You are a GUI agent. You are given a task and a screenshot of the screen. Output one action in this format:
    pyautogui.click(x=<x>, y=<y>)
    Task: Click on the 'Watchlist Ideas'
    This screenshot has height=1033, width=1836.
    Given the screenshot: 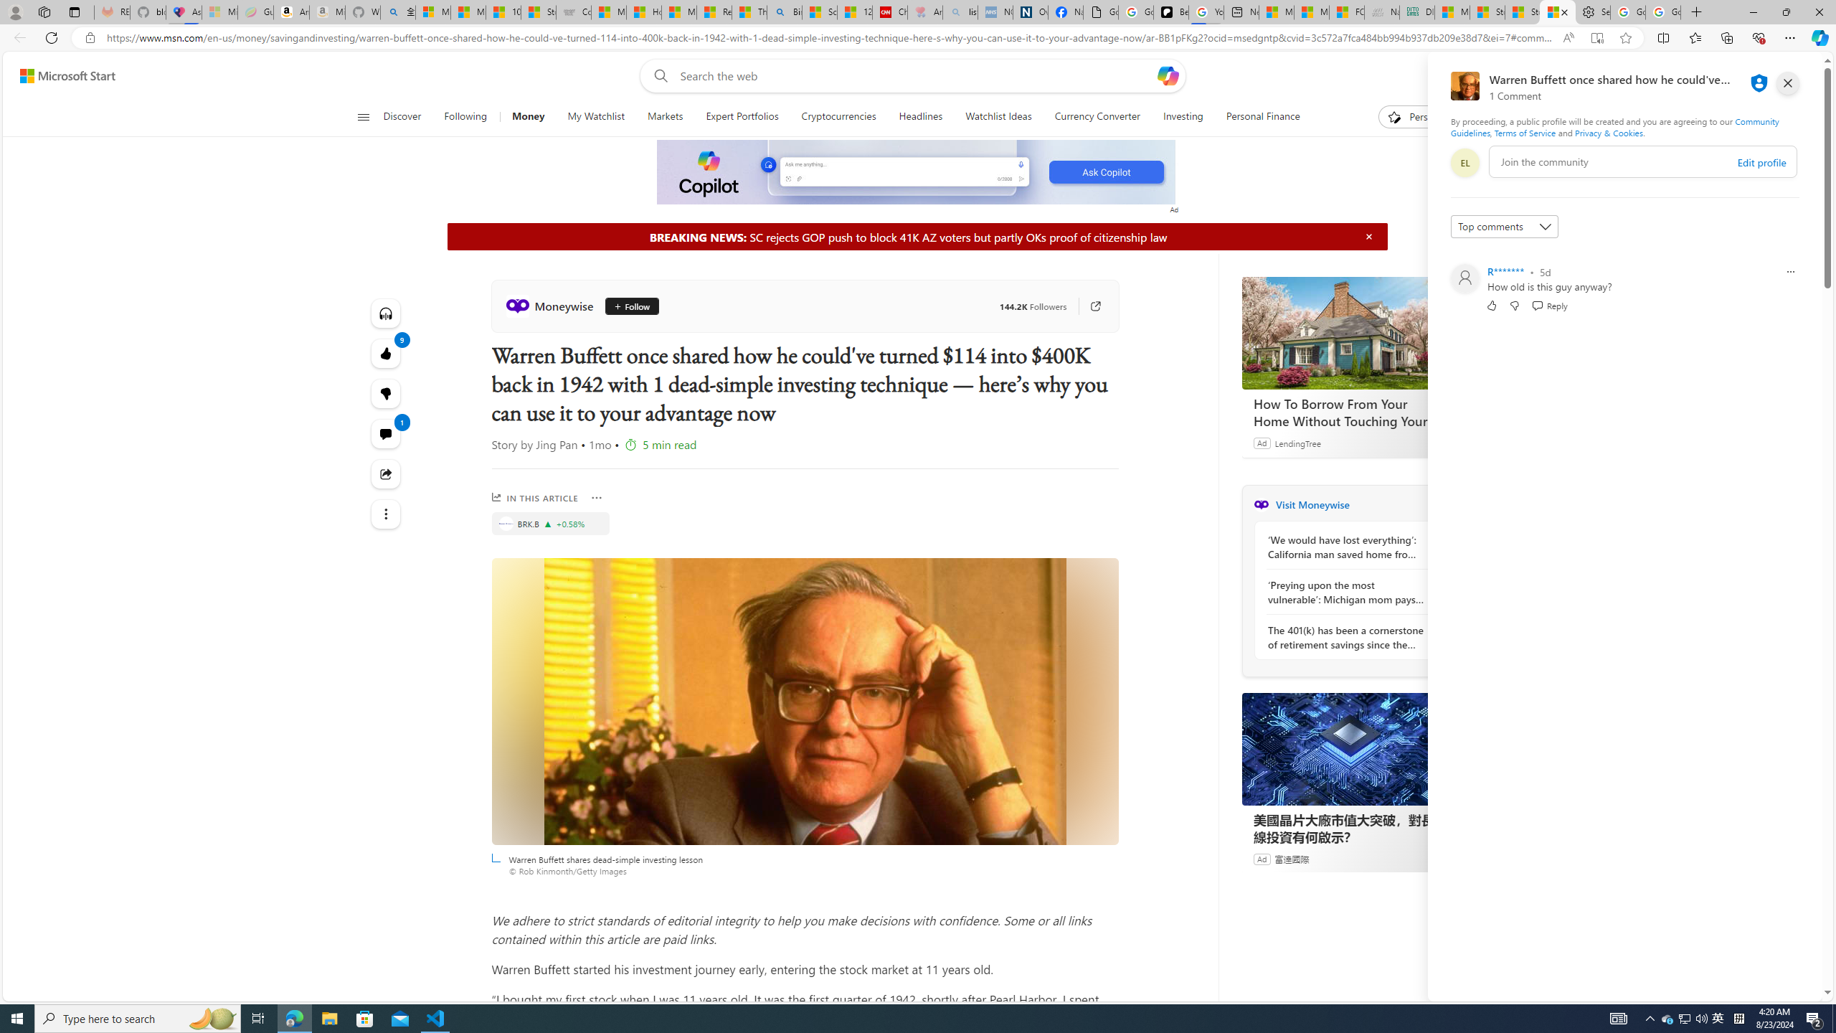 What is the action you would take?
    pyautogui.click(x=998, y=116)
    